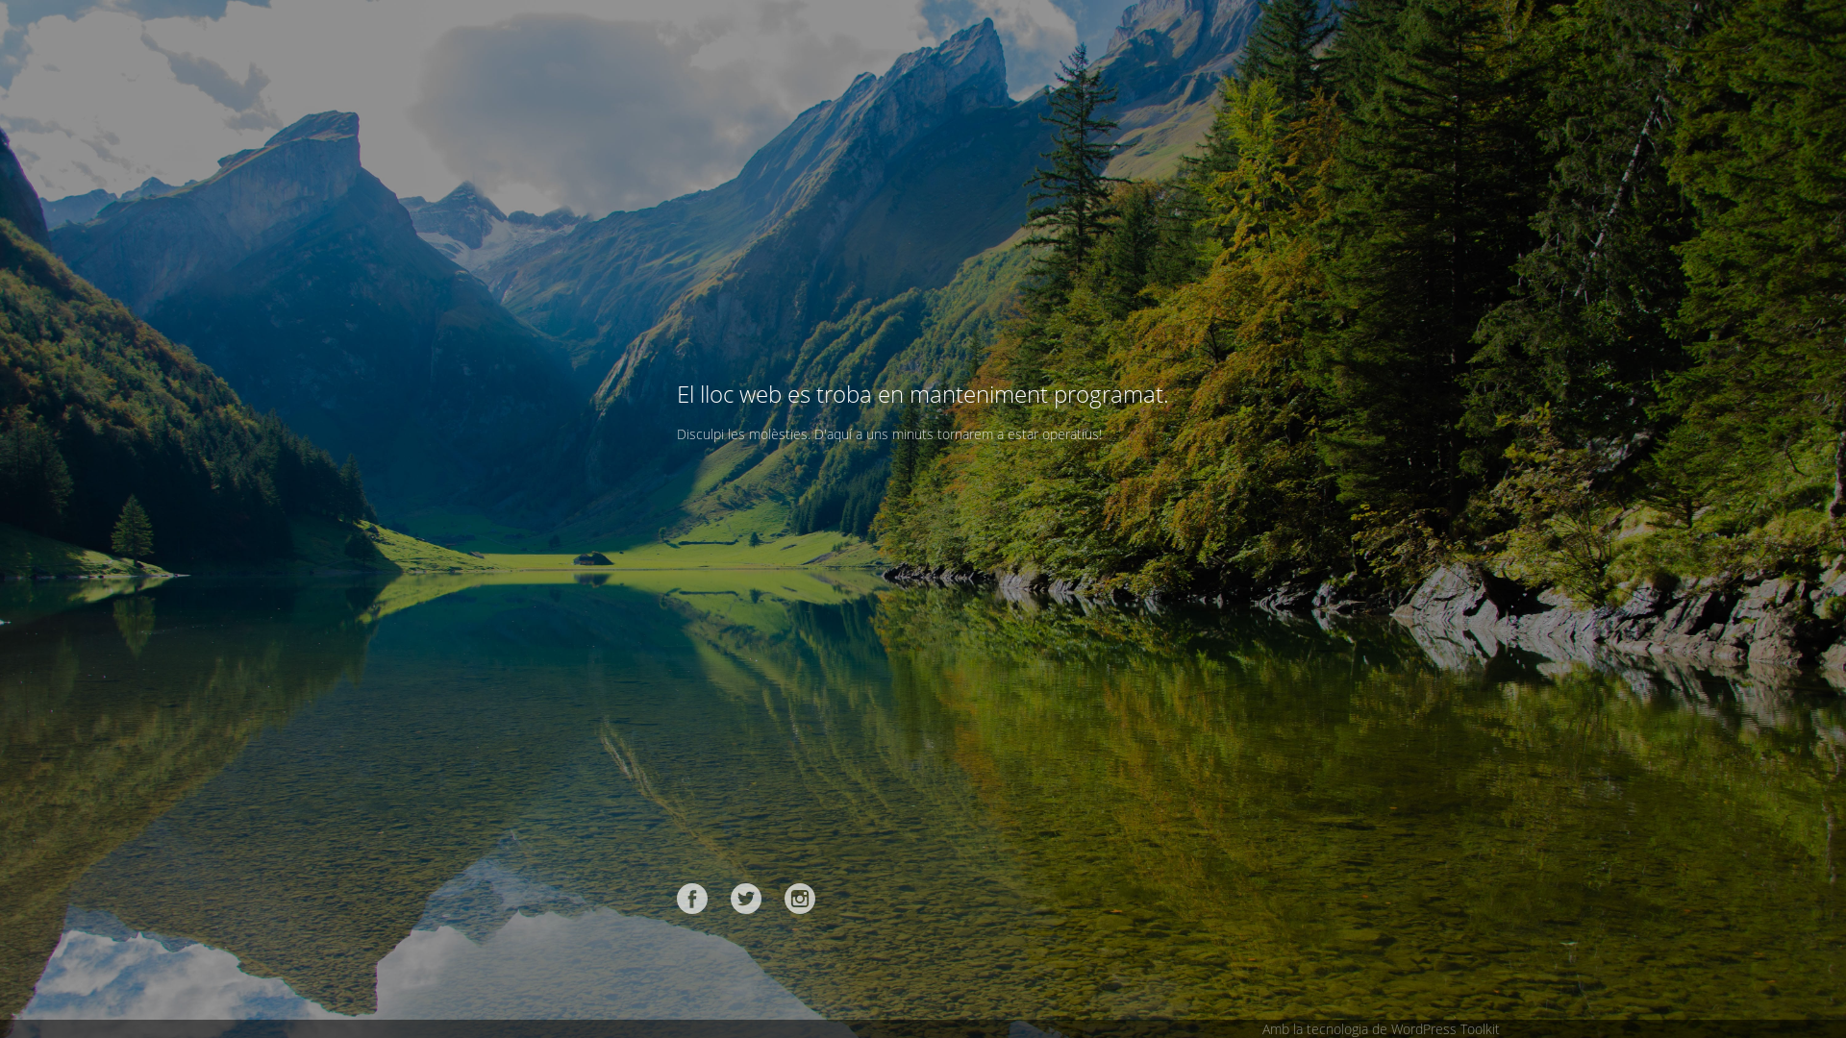 The height and width of the screenshot is (1038, 1846). Describe the element at coordinates (799, 898) in the screenshot. I see `'Instagram'` at that location.